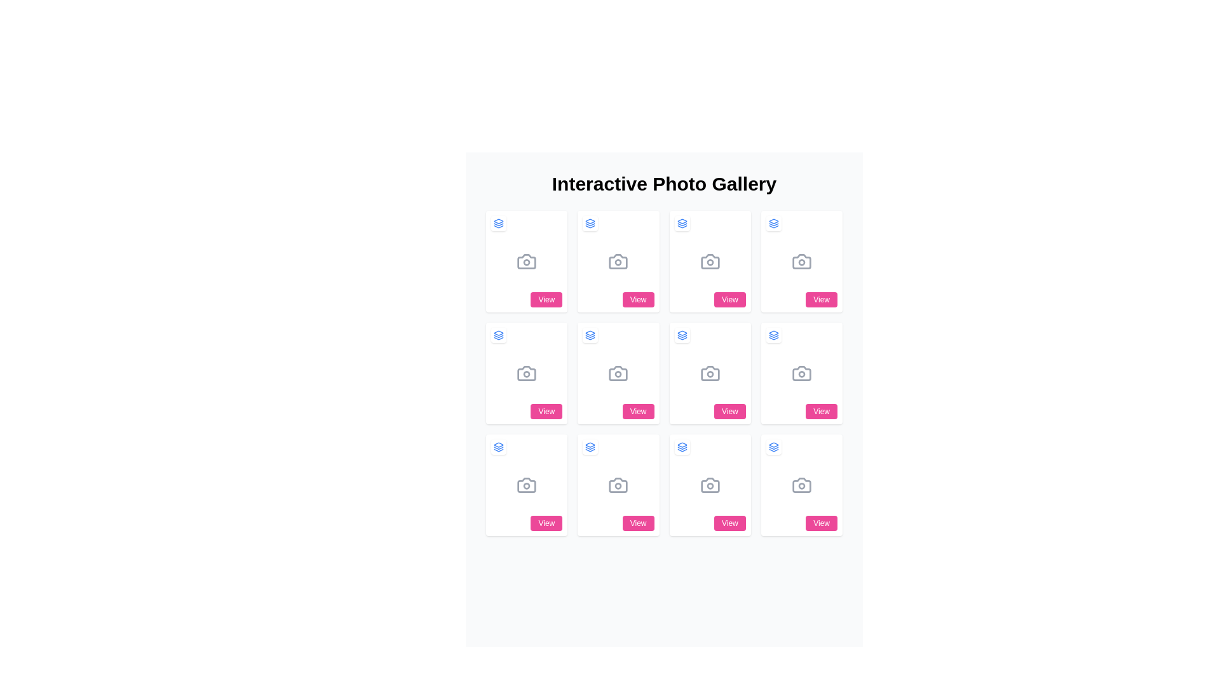 The width and height of the screenshot is (1220, 686). Describe the element at coordinates (681, 335) in the screenshot. I see `the icon in the top left corner of the card in the second row and second column of the grid layout` at that location.